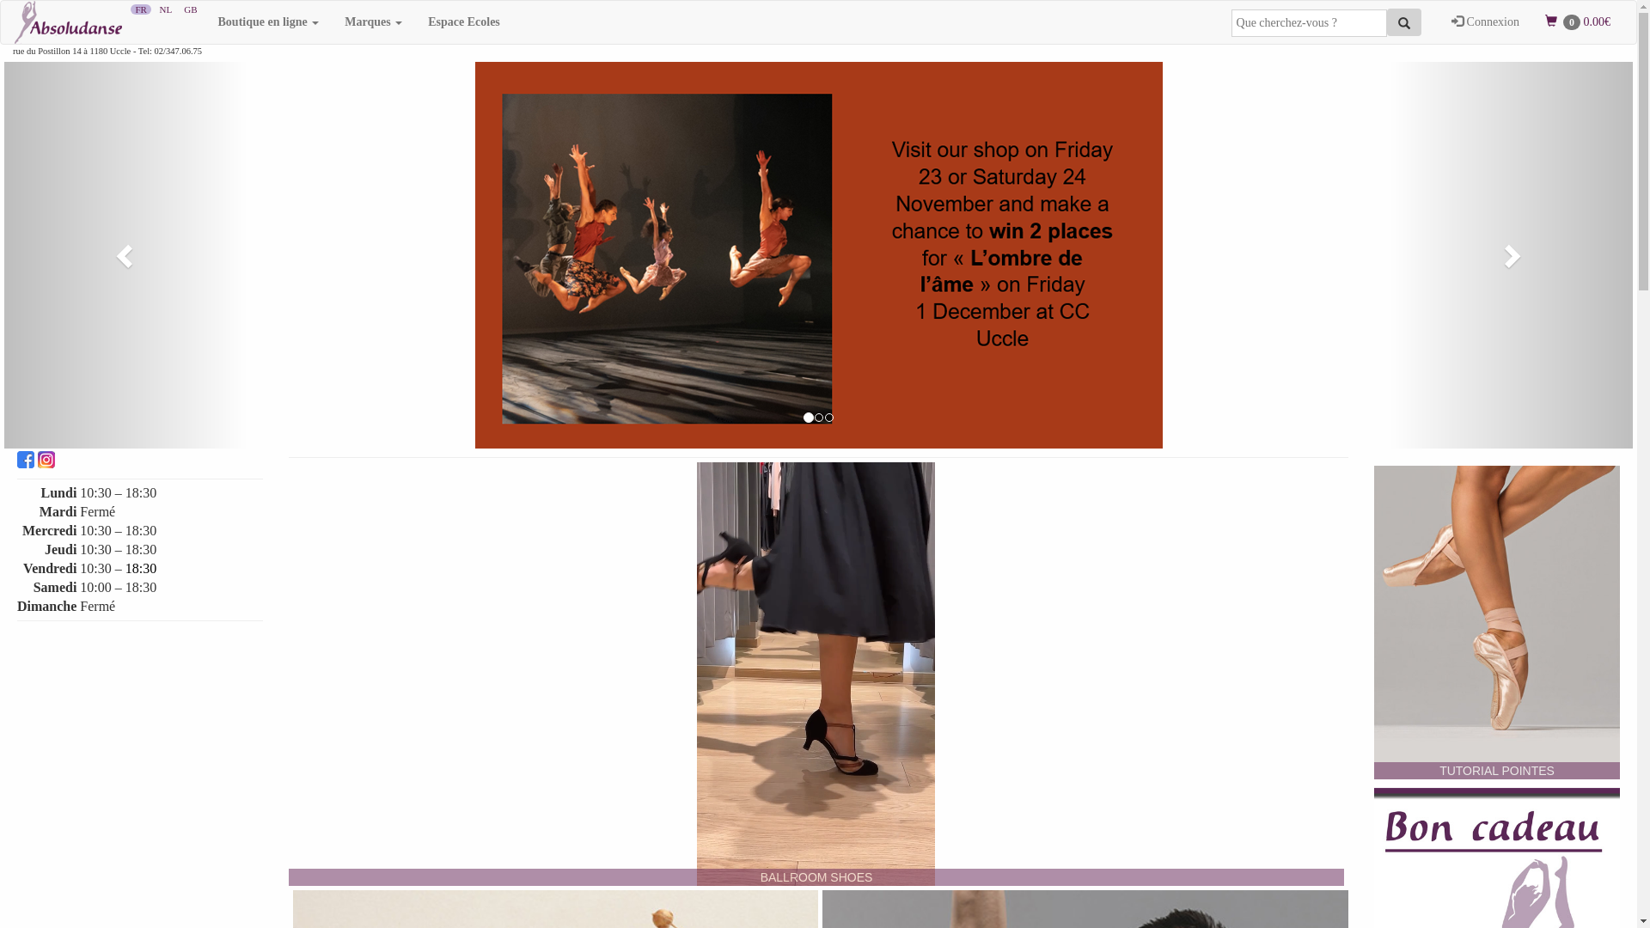 The width and height of the screenshot is (1650, 928). I want to click on 'TUTORIAL POINTES', so click(1496, 622).